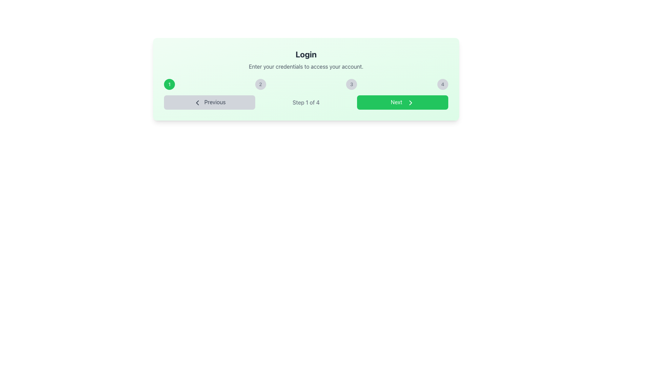  I want to click on the green 'Next' button which has a chevron-shaped icon pointing to the right located at its rightmost side, next to the text label 'Next', so click(410, 102).